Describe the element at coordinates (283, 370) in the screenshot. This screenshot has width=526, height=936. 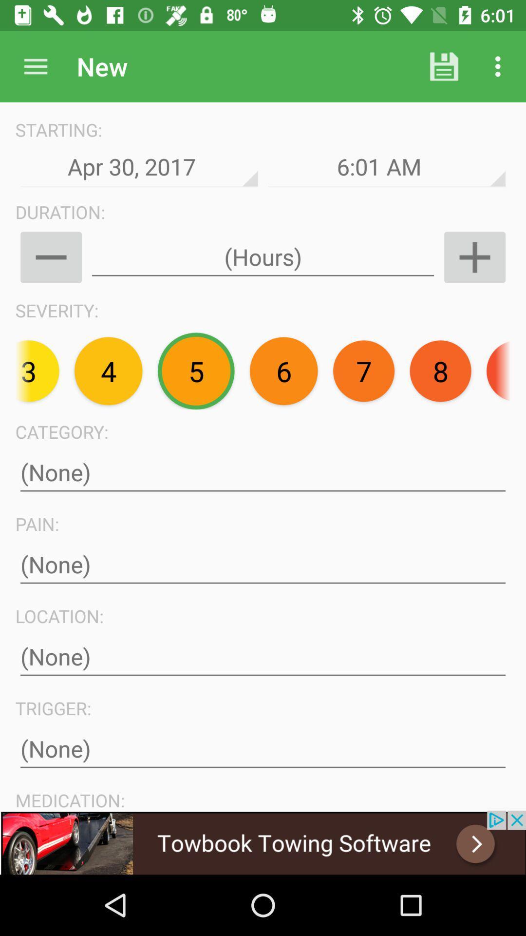
I see `the text  6` at that location.